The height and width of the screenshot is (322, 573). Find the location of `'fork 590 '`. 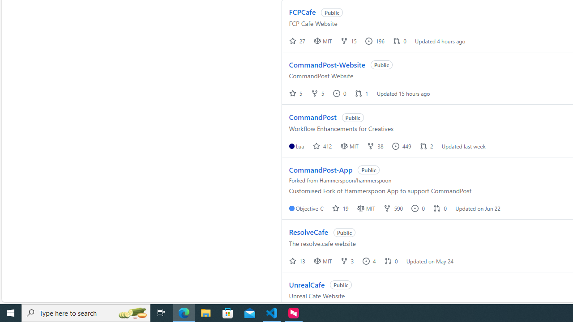

'fork 590 ' is located at coordinates (394, 208).